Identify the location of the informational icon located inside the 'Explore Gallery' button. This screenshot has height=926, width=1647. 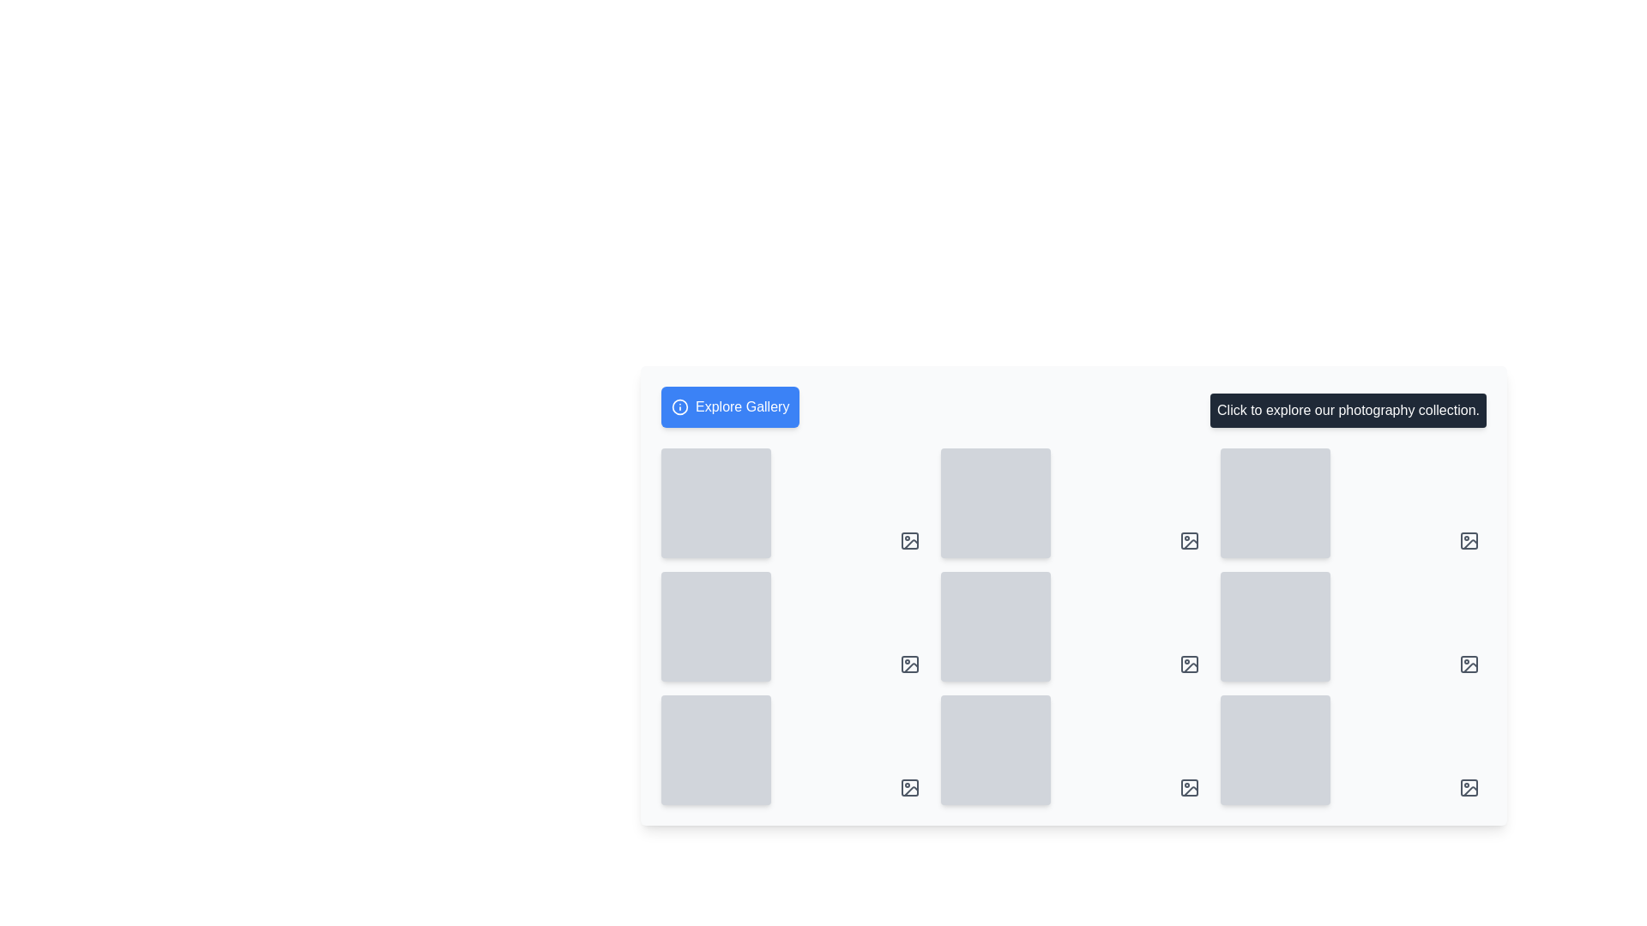
(679, 406).